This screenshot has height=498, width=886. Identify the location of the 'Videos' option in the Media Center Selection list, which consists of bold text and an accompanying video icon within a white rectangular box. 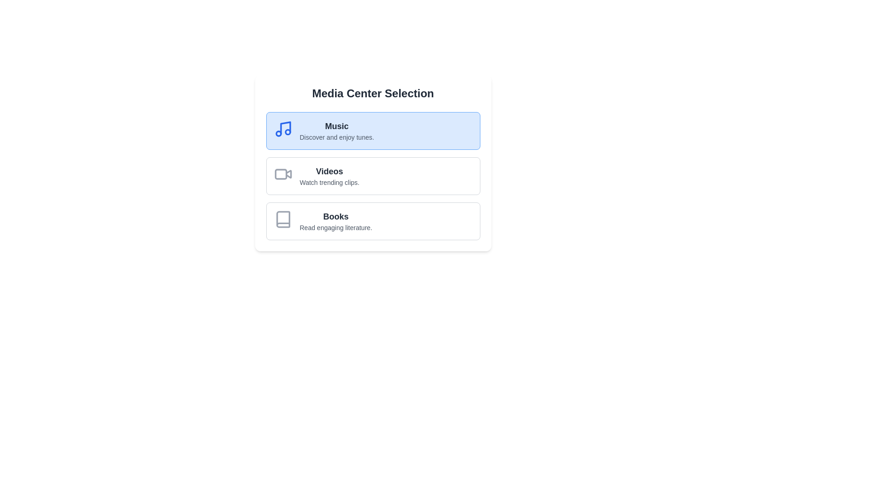
(329, 176).